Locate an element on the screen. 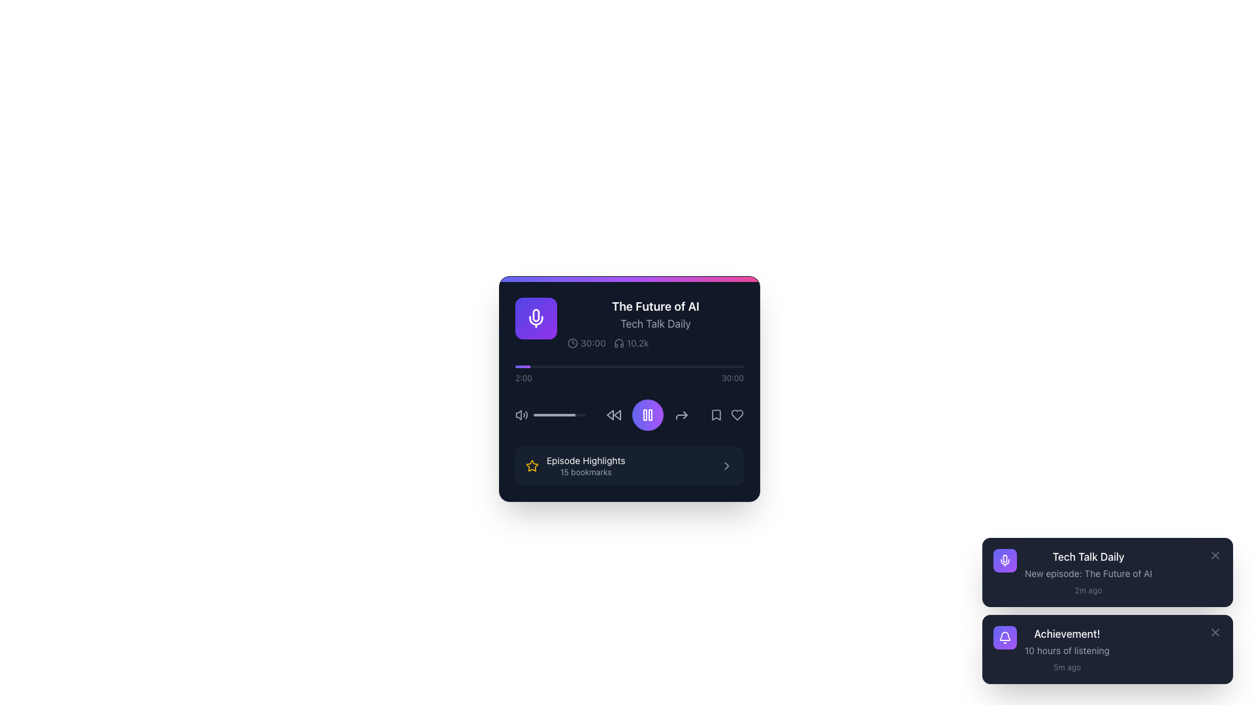  the notification card displaying the new podcast episode titled 'New episode: The Future of AI' from 'Tech Talk Daily', which is positioned at the upper part of the notification list is located at coordinates (1122, 571).